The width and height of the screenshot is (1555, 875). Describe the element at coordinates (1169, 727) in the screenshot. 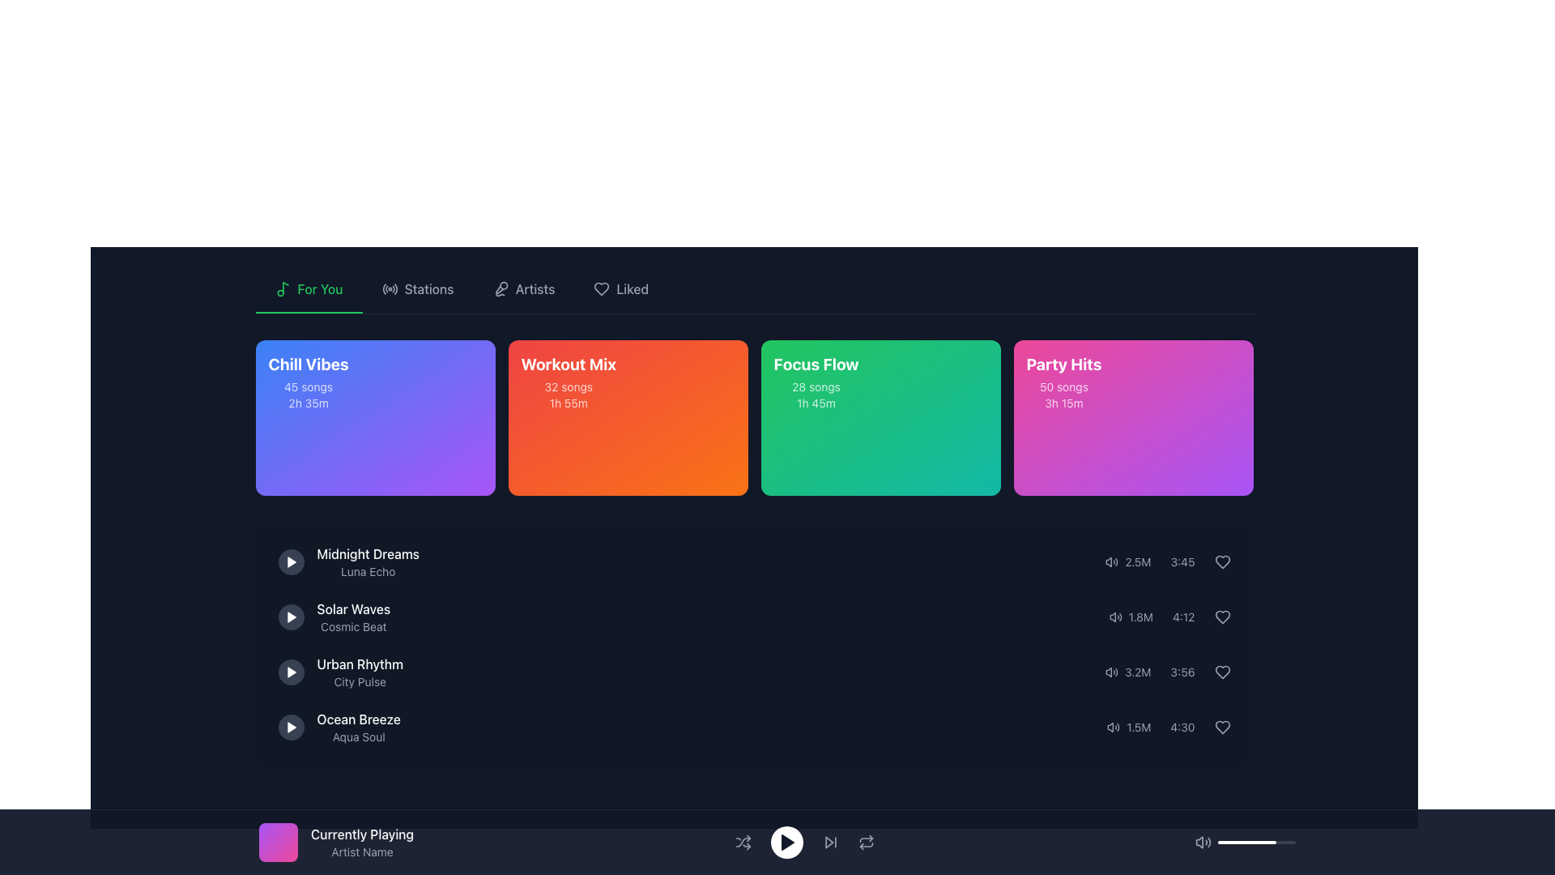

I see `the speaker icon in the composite UI component that includes the texts '1.5M' and '4:30', located in the fourth row of the playlist panel, to adjust volume settings` at that location.